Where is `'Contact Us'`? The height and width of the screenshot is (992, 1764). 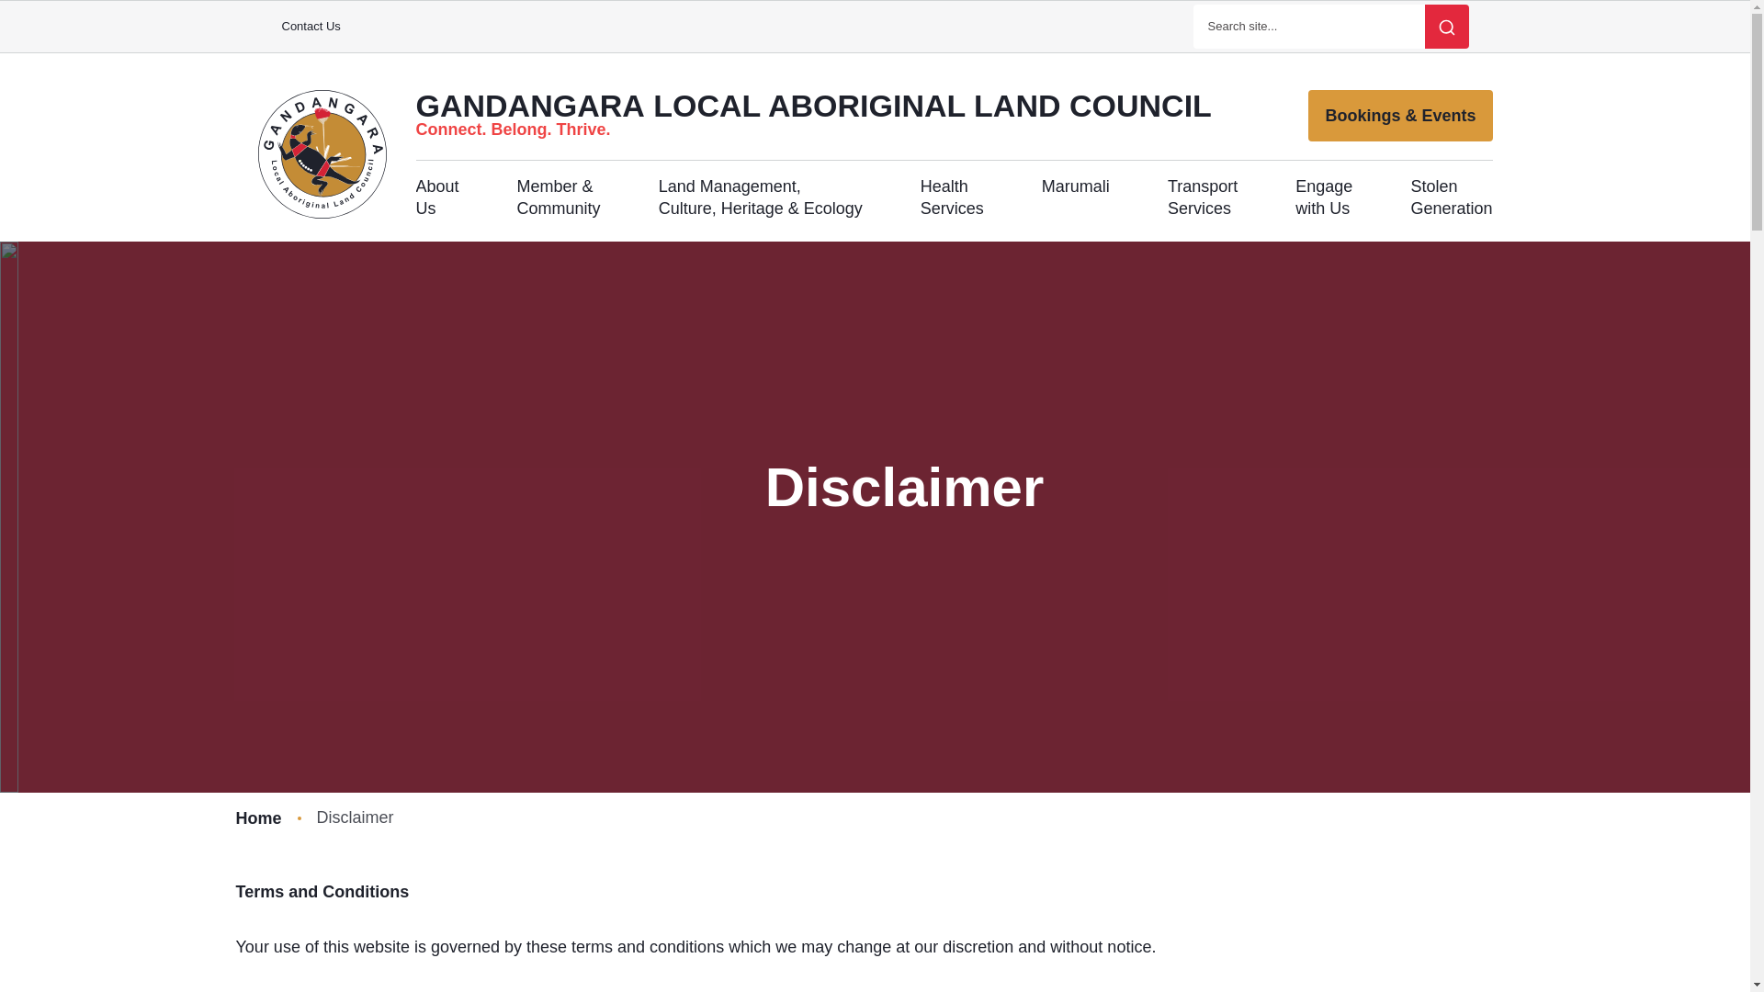
'Contact Us' is located at coordinates (310, 27).